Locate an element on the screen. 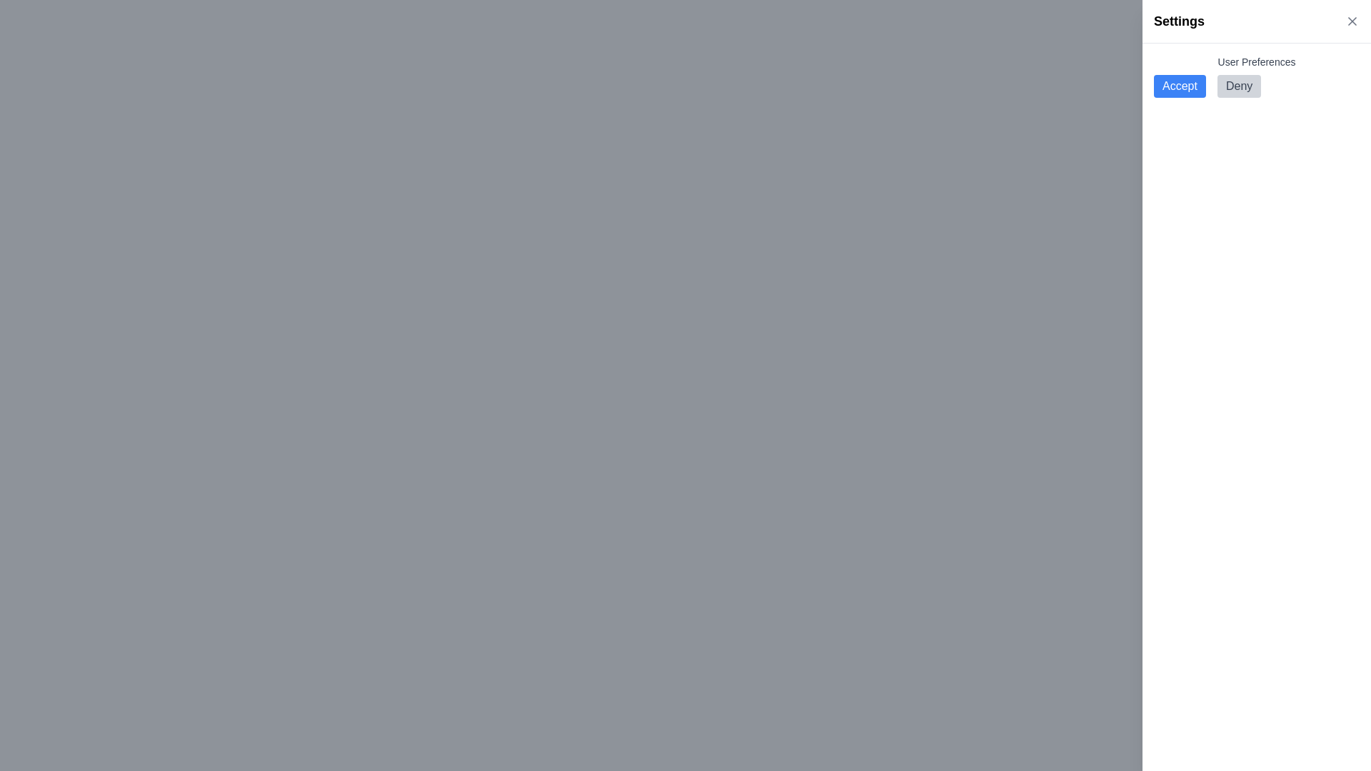  the 'Settings' header text, which is a bold, large heading located at the top of the sidebar on the right side of the interface is located at coordinates (1179, 21).